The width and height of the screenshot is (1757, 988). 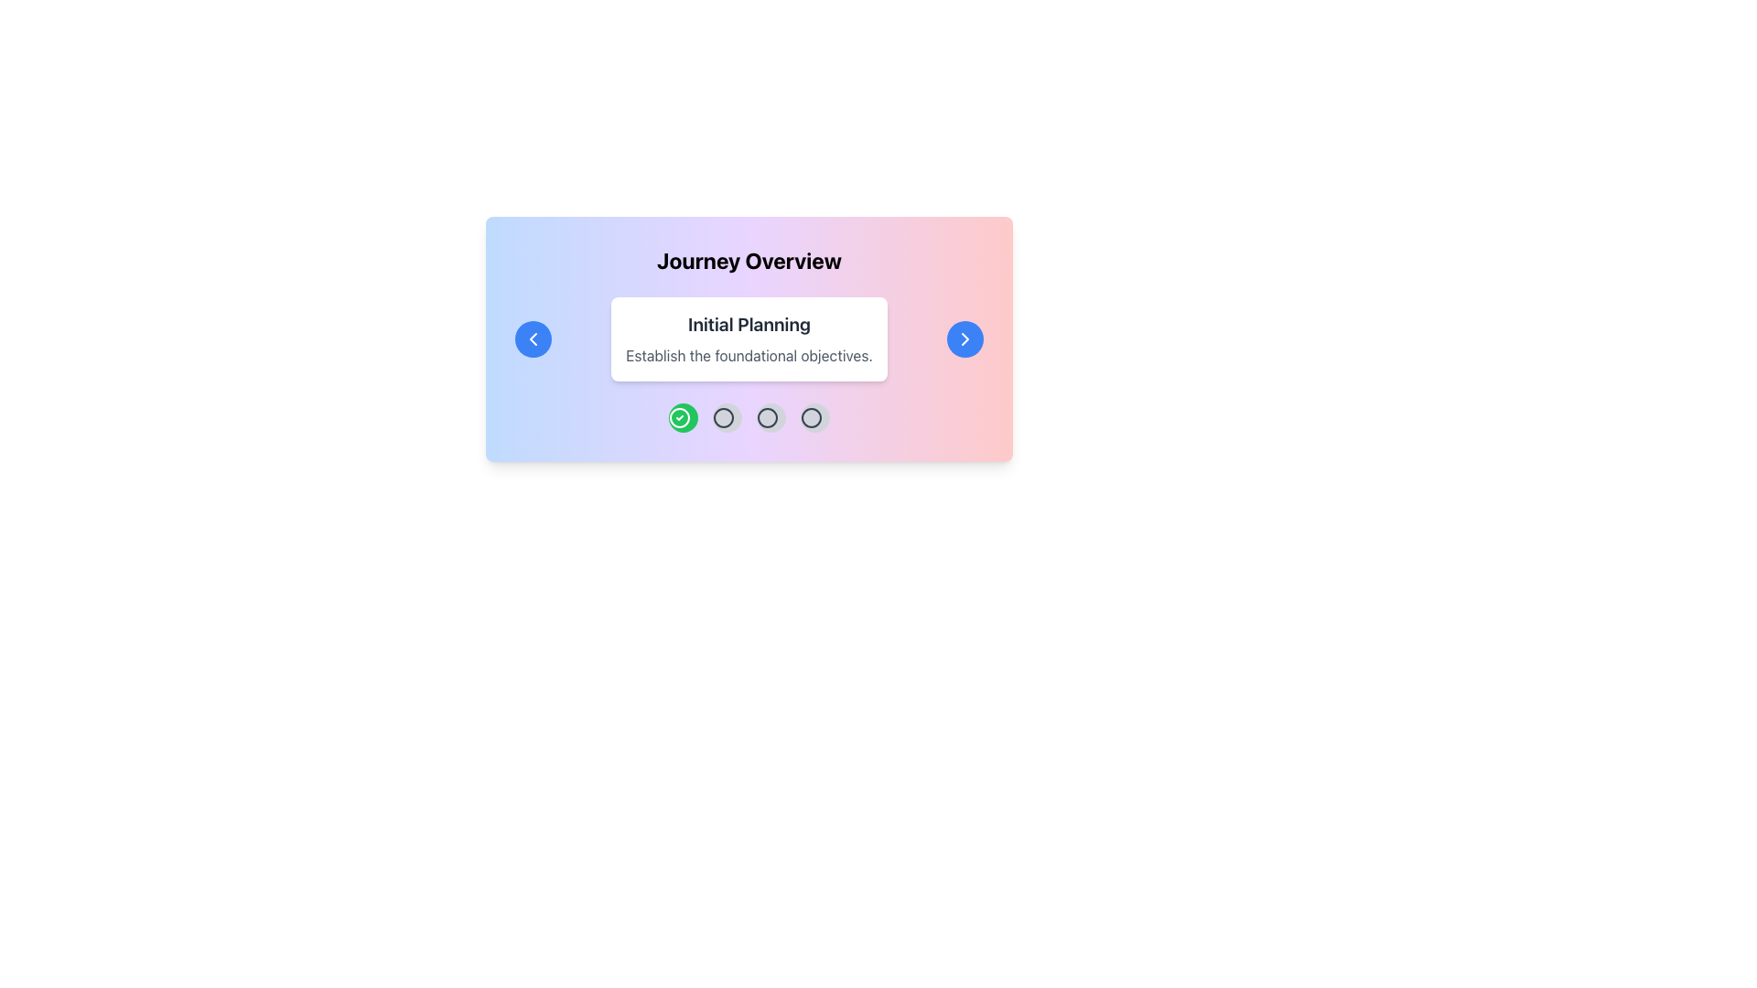 I want to click on the Text Content Block displaying 'Initial Planning' with subtext 'Establish the foundational objectives.', so click(x=749, y=338).